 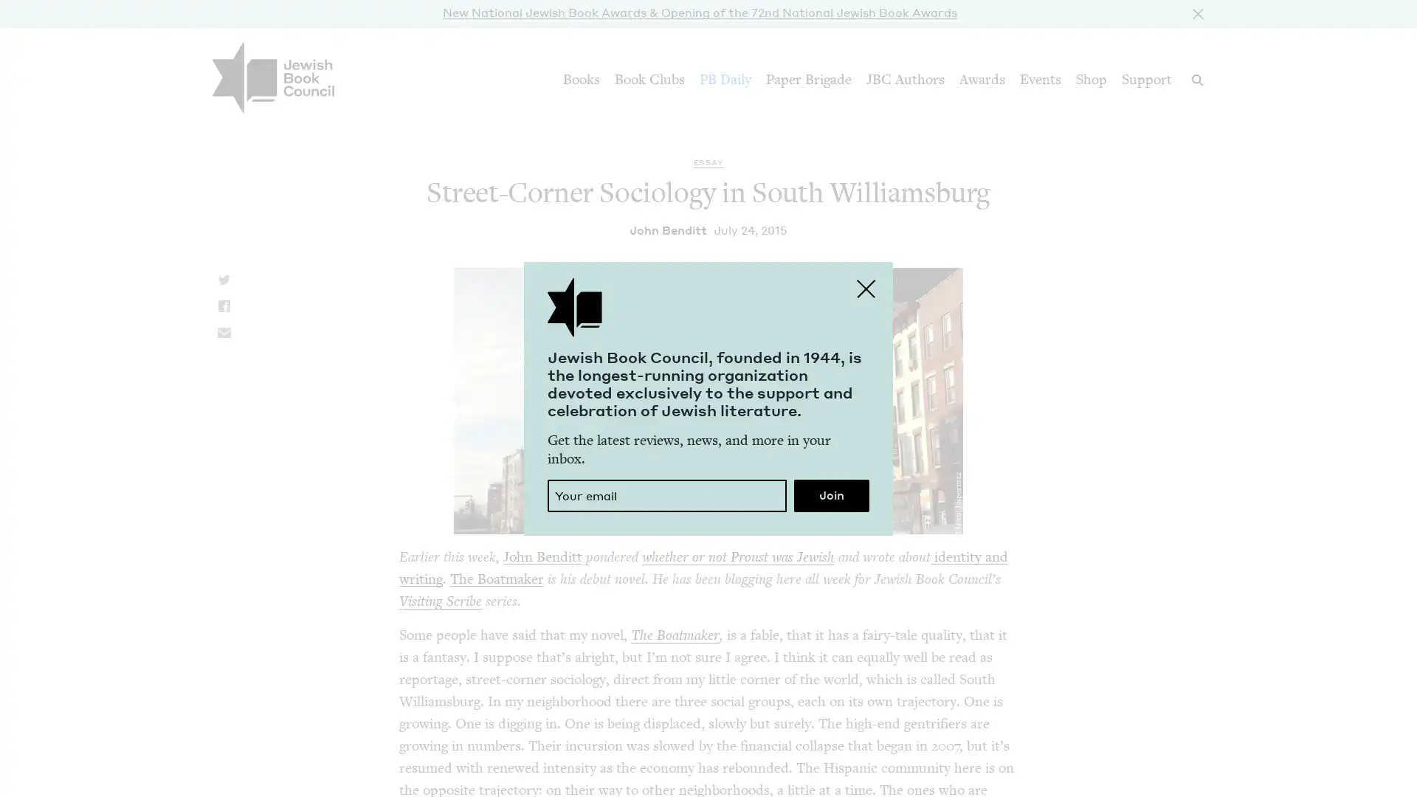 I want to click on Join, so click(x=832, y=495).